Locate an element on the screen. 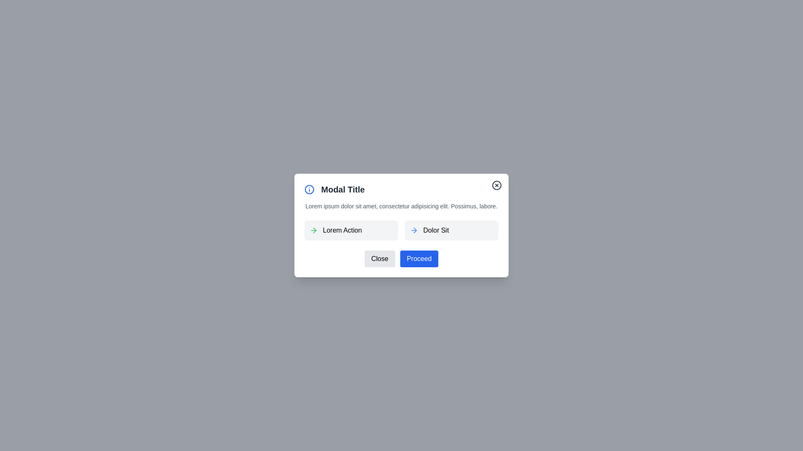 The image size is (803, 451). the circular close button element located at the top-right corner of the modal window is located at coordinates (497, 185).